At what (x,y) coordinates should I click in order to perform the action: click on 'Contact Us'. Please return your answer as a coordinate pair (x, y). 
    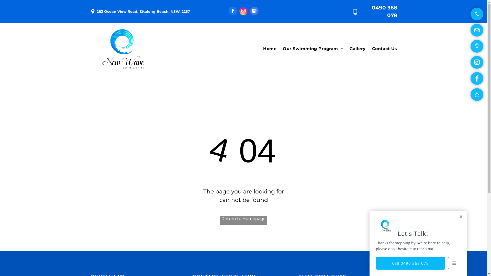
    Looking at the image, I should click on (365, 49).